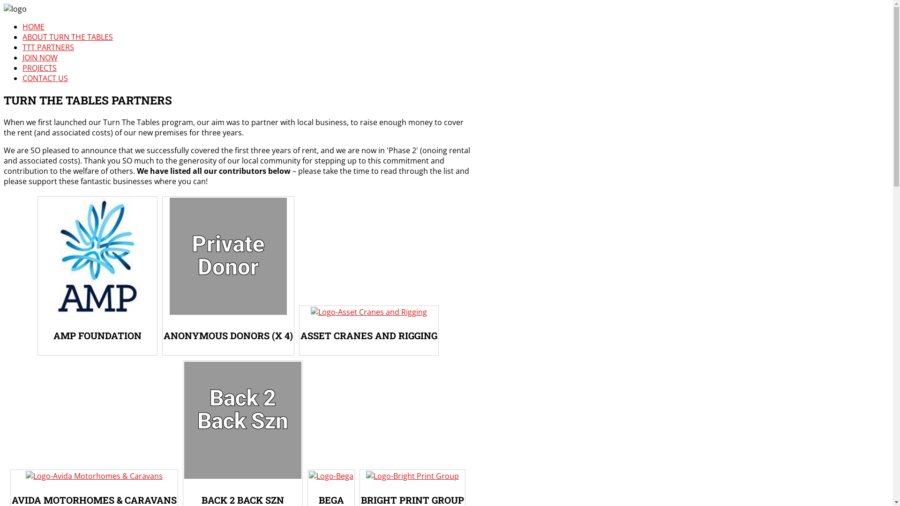 Image resolution: width=900 pixels, height=506 pixels. I want to click on 'HOME', so click(33, 26).